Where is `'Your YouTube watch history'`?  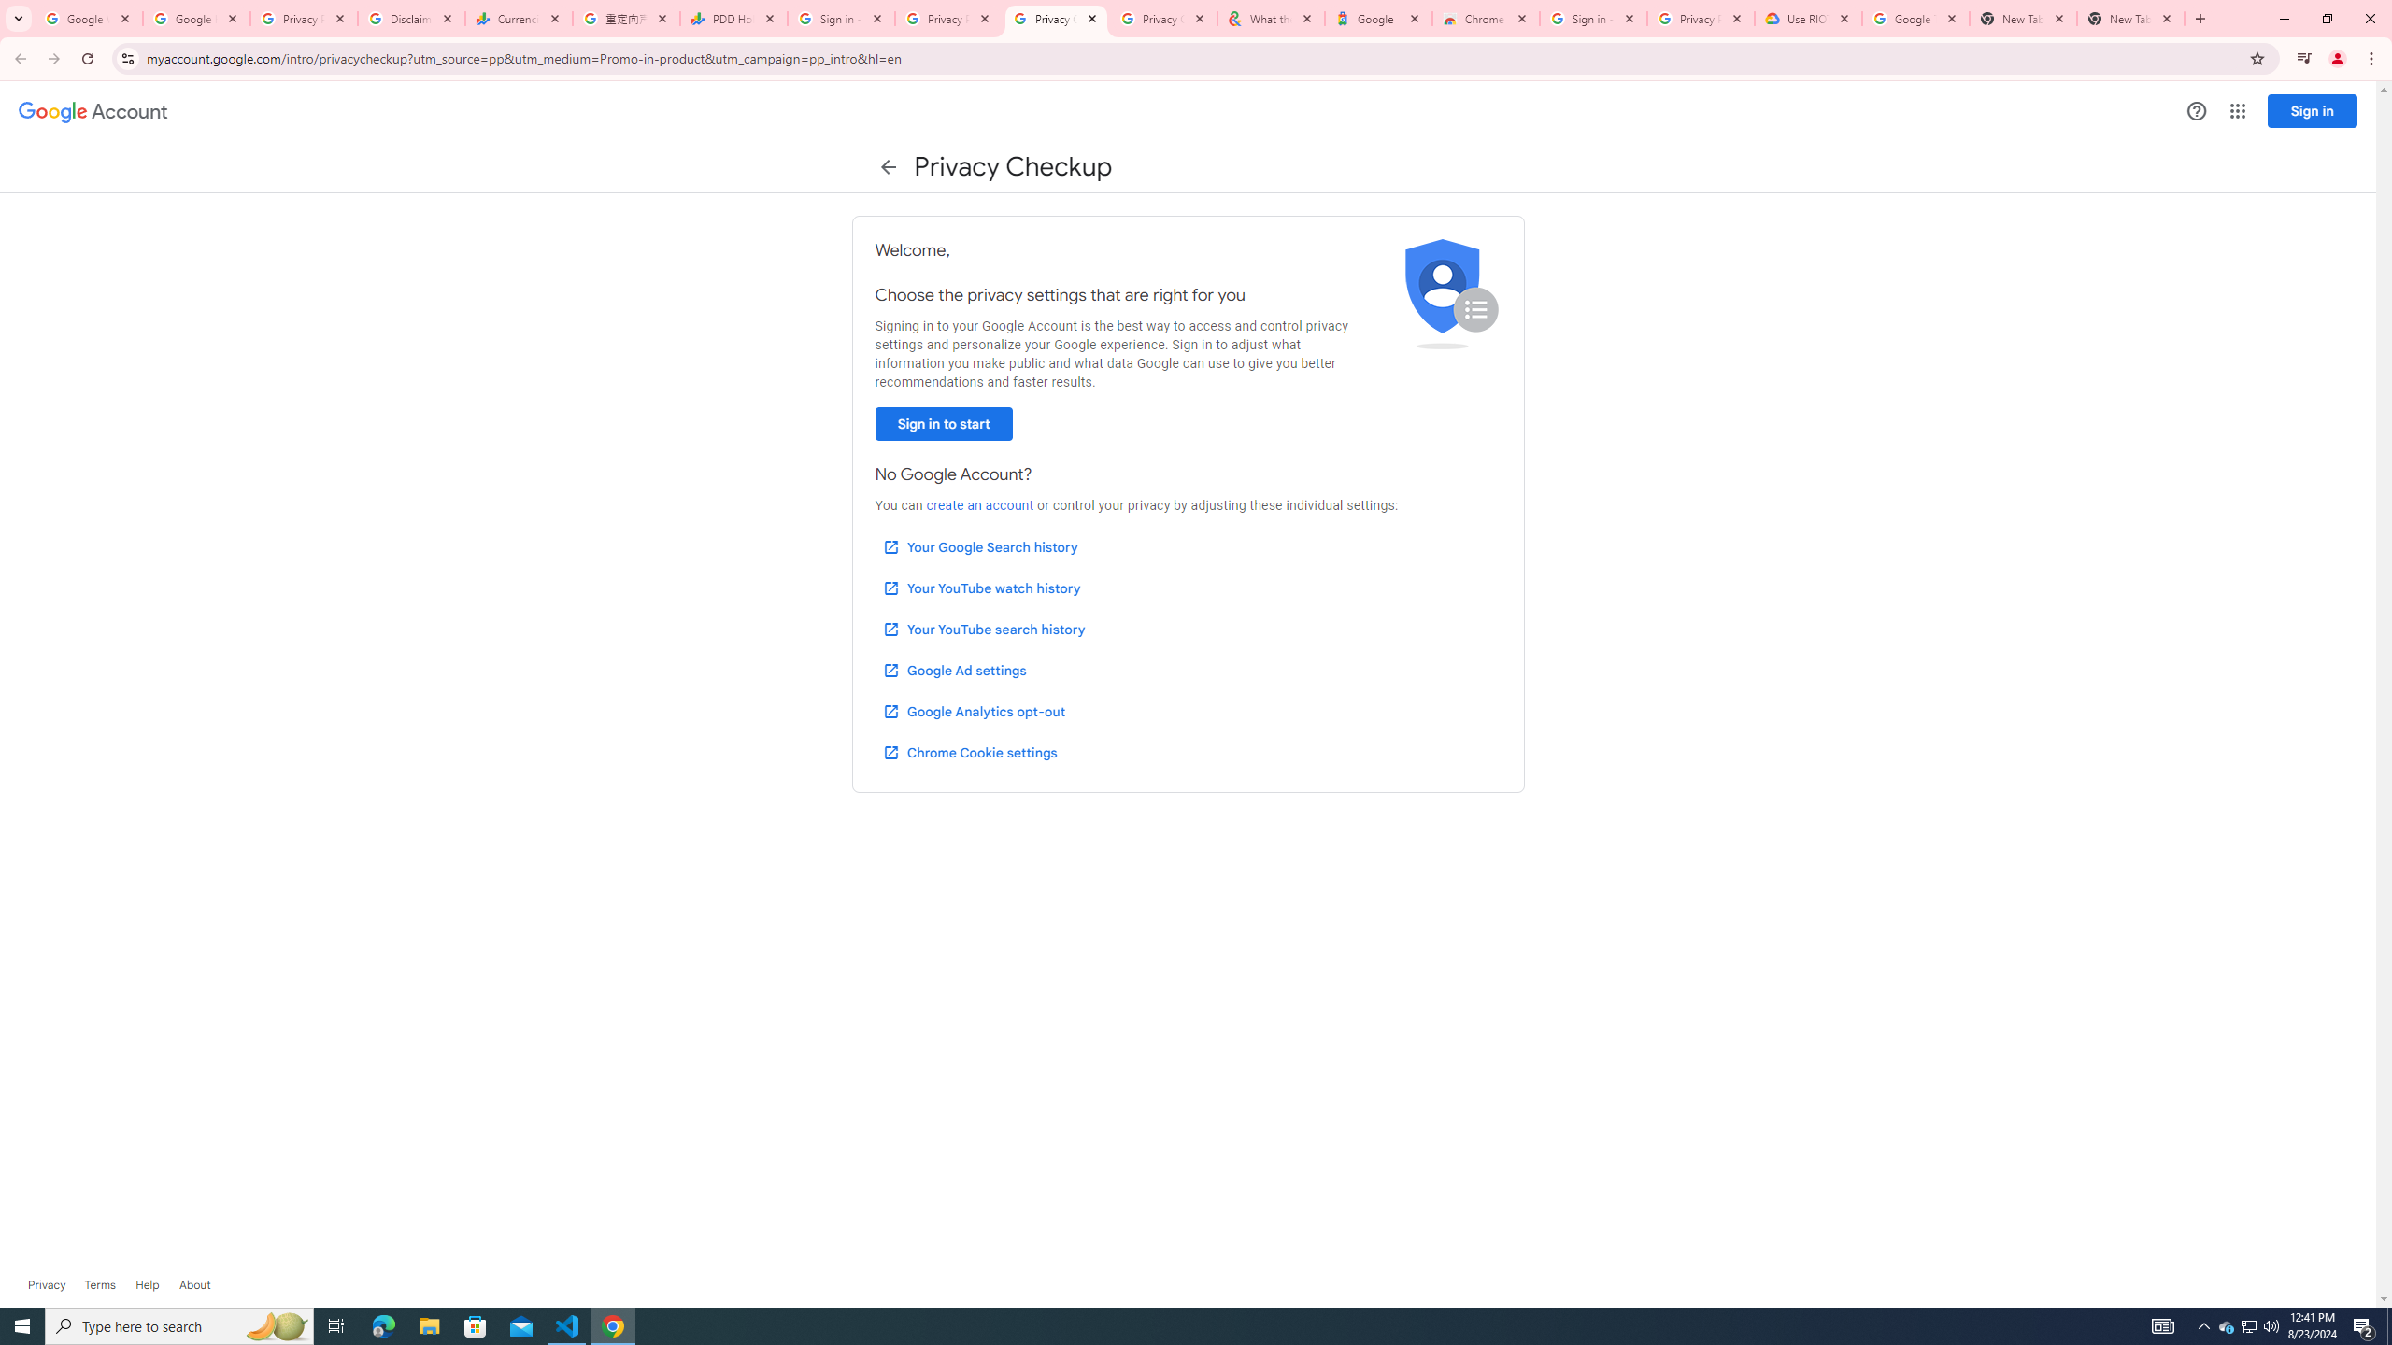
'Your YouTube watch history' is located at coordinates (980, 588).